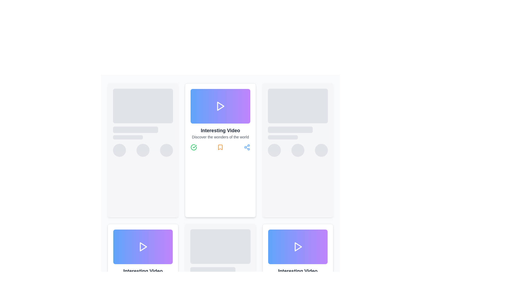 Image resolution: width=519 pixels, height=292 pixels. What do you see at coordinates (143, 274) in the screenshot?
I see `textual heading and subtitle 'Interesting Video' and 'Discover the wonders of the world' located in the card component positioned in the second spot of the middle row, beneath a gradient-colored rectangle and above action icons` at bounding box center [143, 274].